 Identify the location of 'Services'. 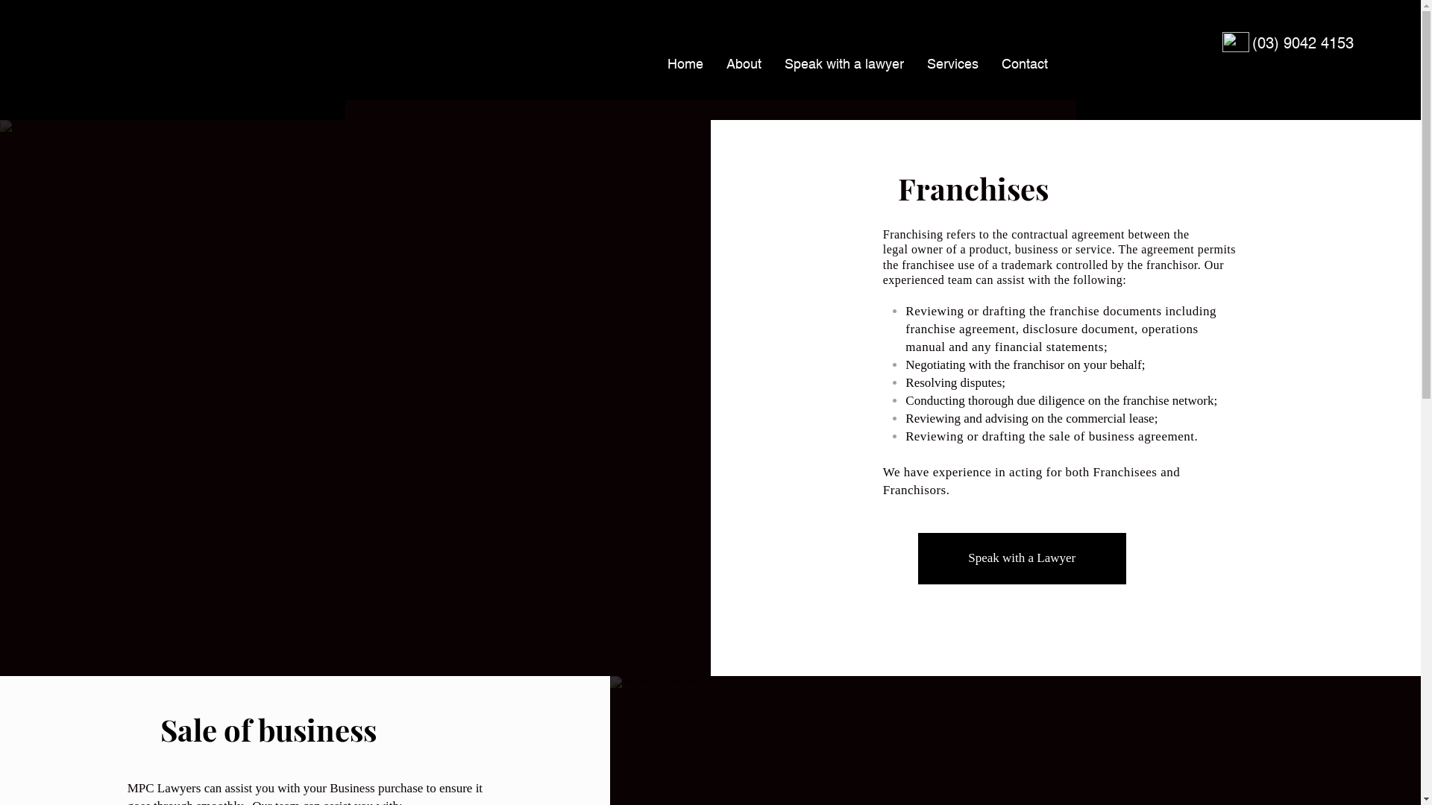
(951, 63).